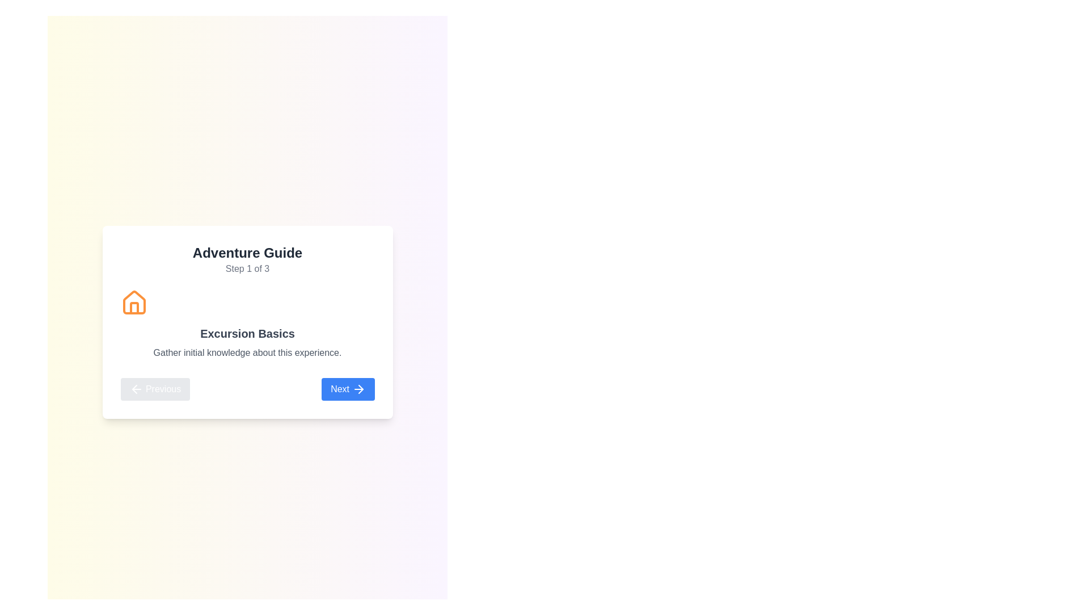 The image size is (1089, 613). I want to click on the title text element that indicates the name of the guide, located at the top of the content area within a light-colored card, so click(247, 252).